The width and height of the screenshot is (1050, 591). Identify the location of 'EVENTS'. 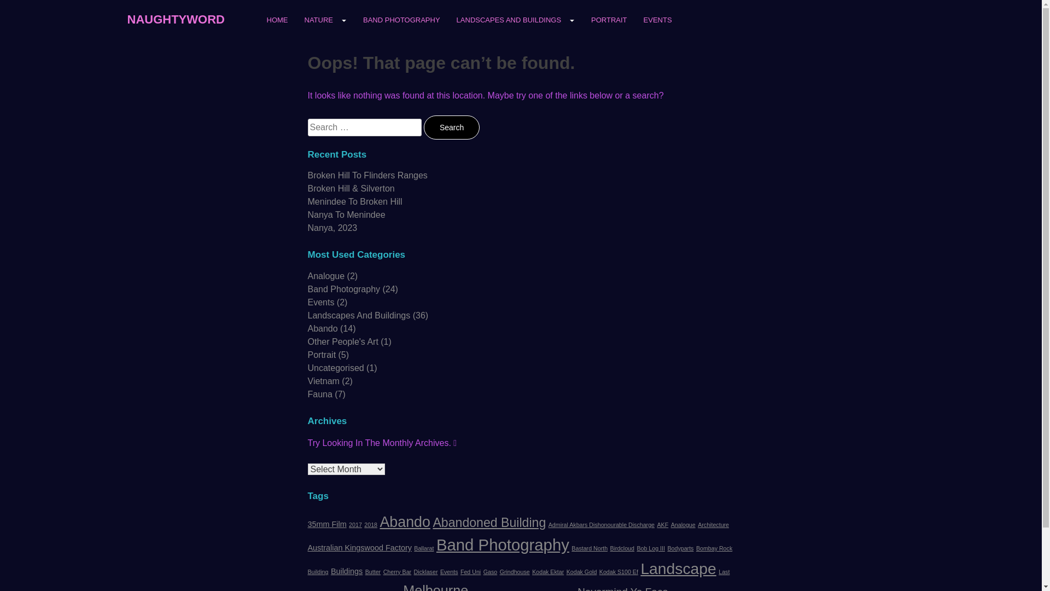
(657, 23).